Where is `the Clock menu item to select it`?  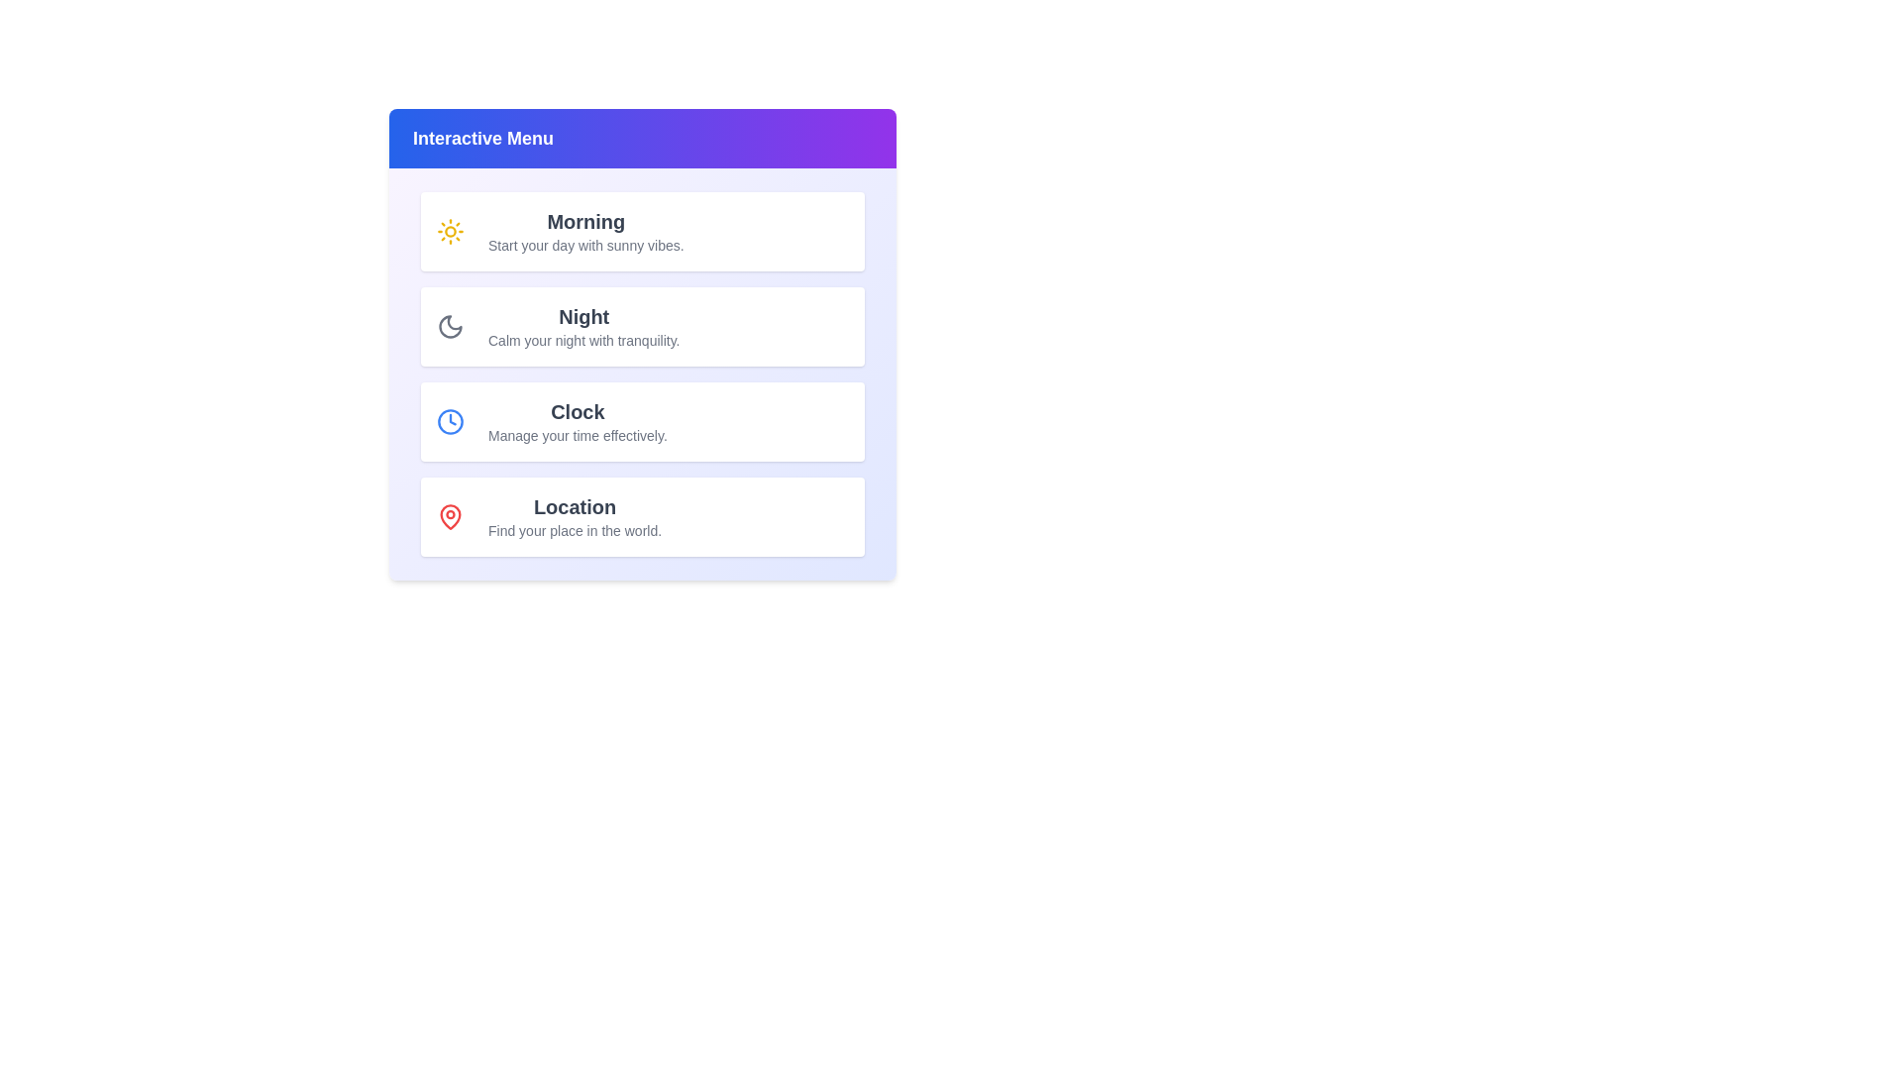
the Clock menu item to select it is located at coordinates (642, 420).